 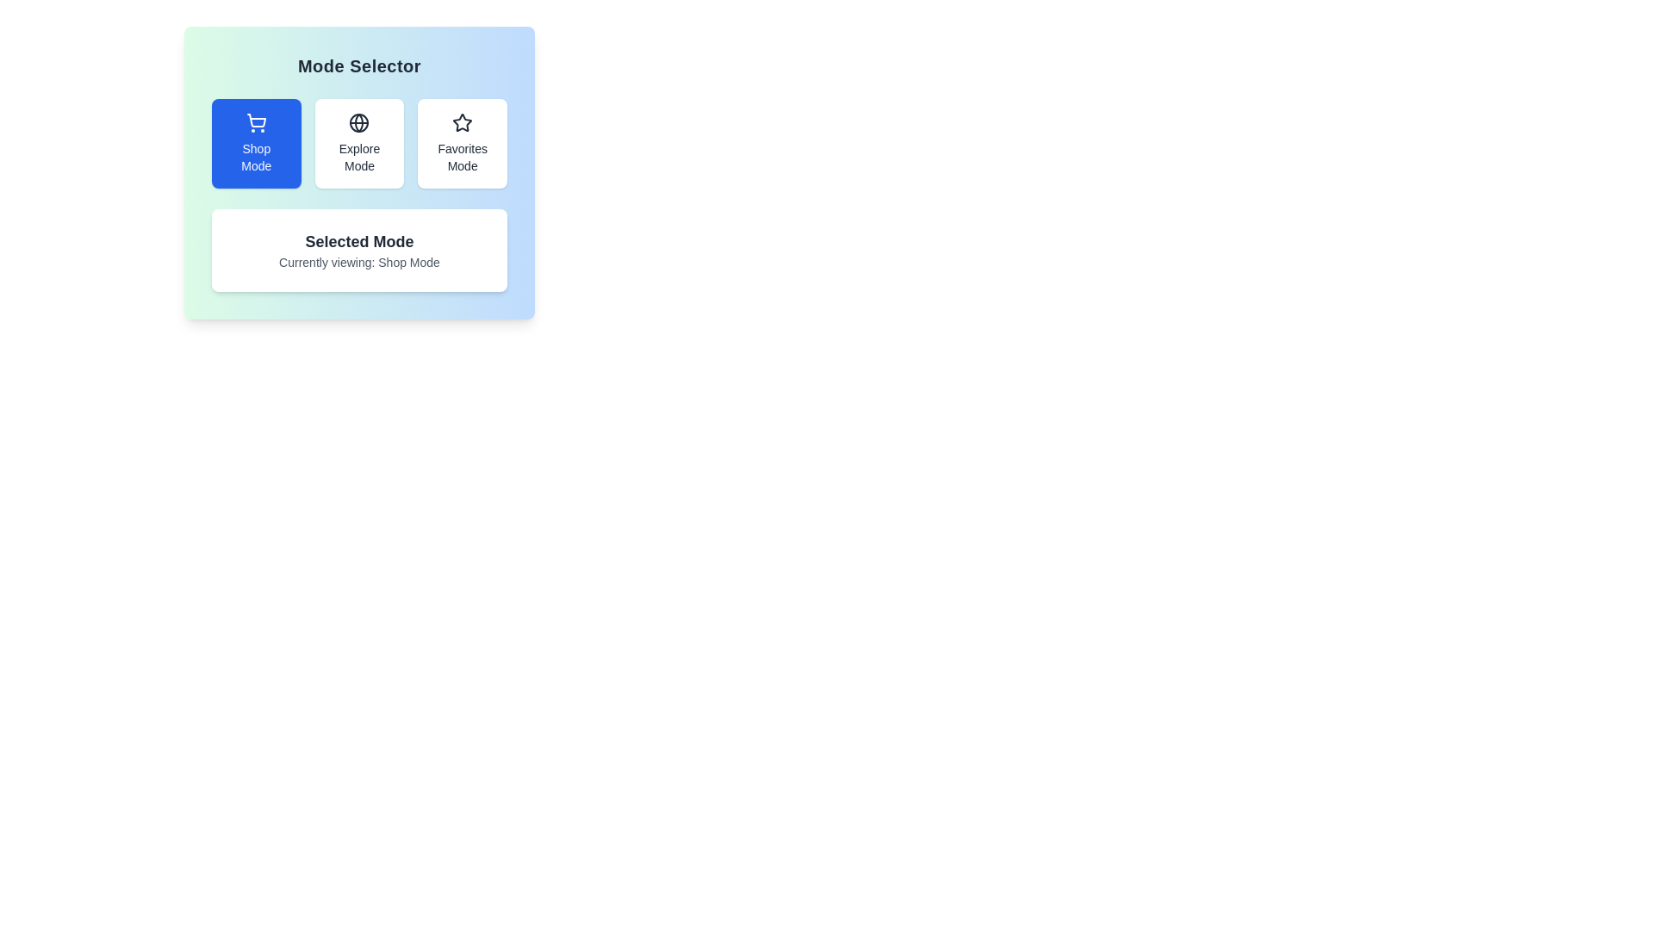 What do you see at coordinates (358, 242) in the screenshot?
I see `the Text Label that conveys the current operational context or mode selected by the user, which is centrally located within a white, rounded rectangle in the lower middle of the interface` at bounding box center [358, 242].